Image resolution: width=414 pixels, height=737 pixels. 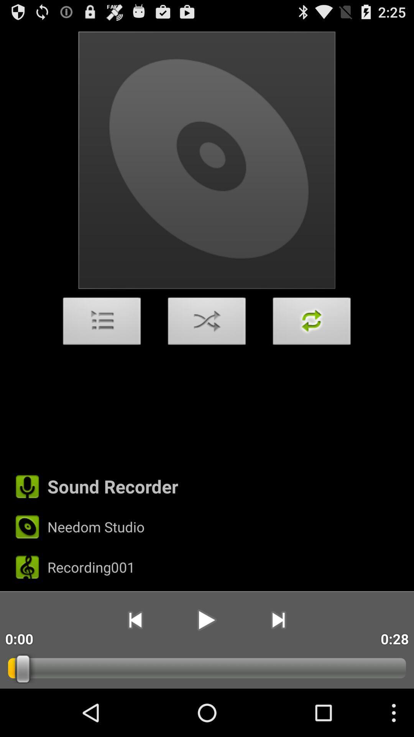 I want to click on the list icon, so click(x=102, y=345).